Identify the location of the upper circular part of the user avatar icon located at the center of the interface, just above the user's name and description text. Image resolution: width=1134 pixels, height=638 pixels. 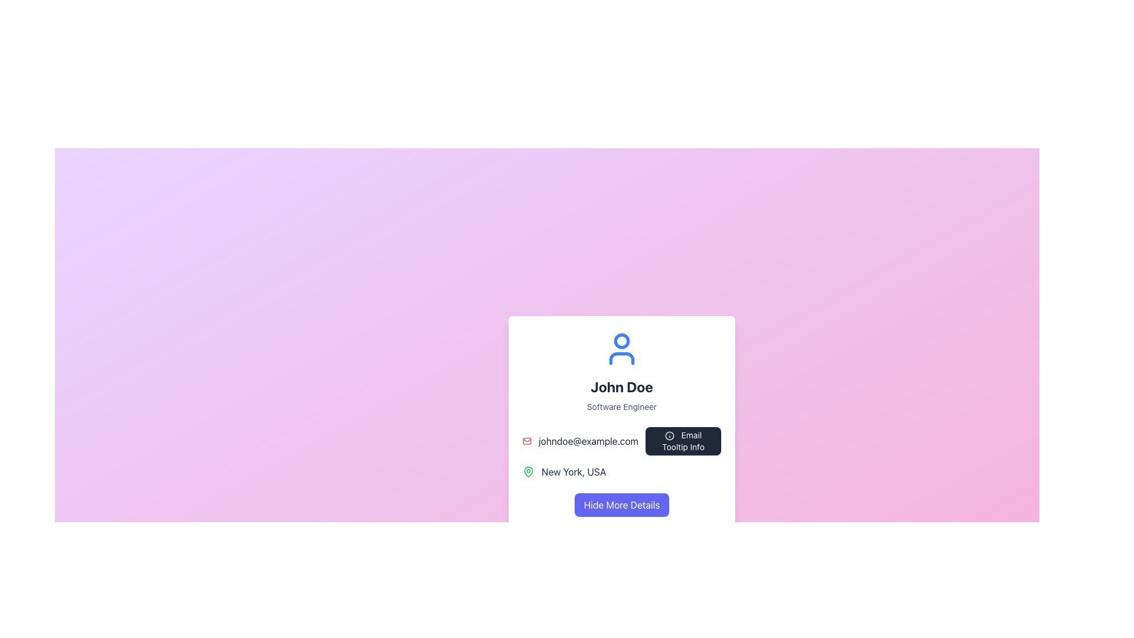
(621, 341).